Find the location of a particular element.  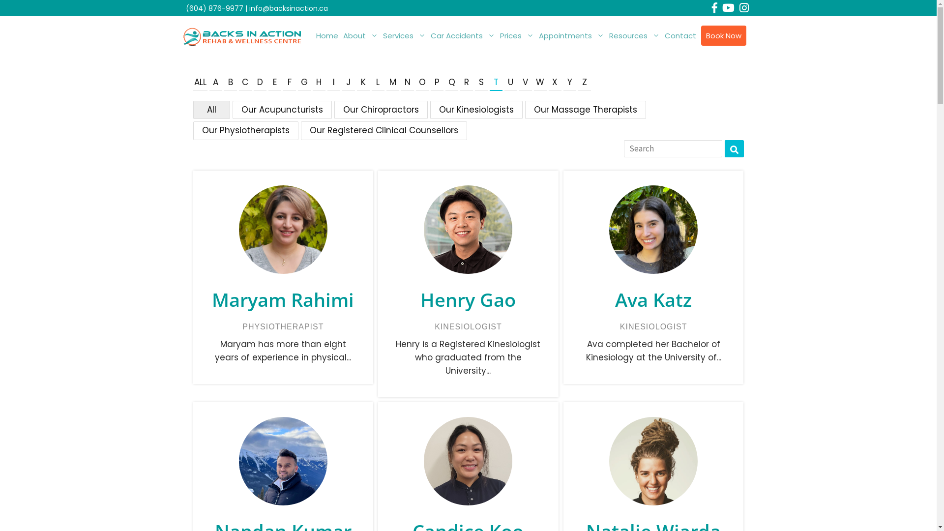

'G' is located at coordinates (304, 83).